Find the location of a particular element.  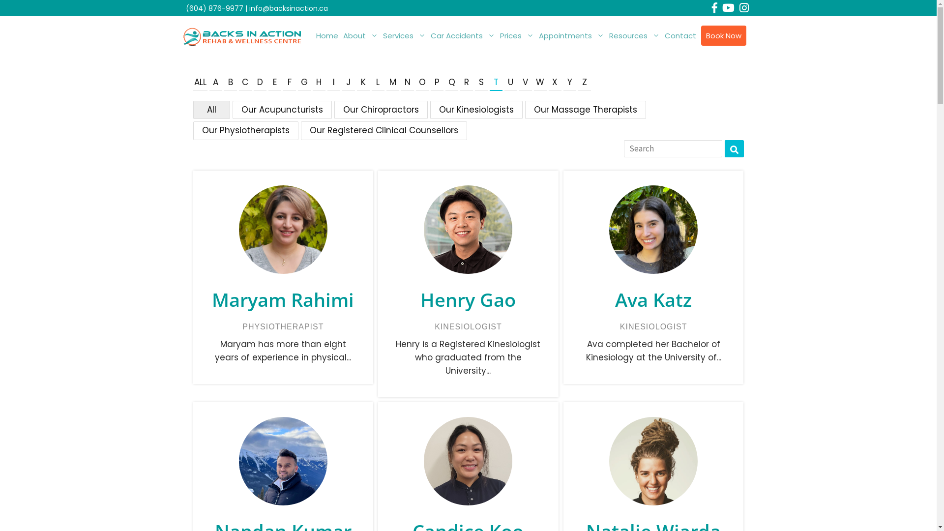

'G' is located at coordinates (304, 83).